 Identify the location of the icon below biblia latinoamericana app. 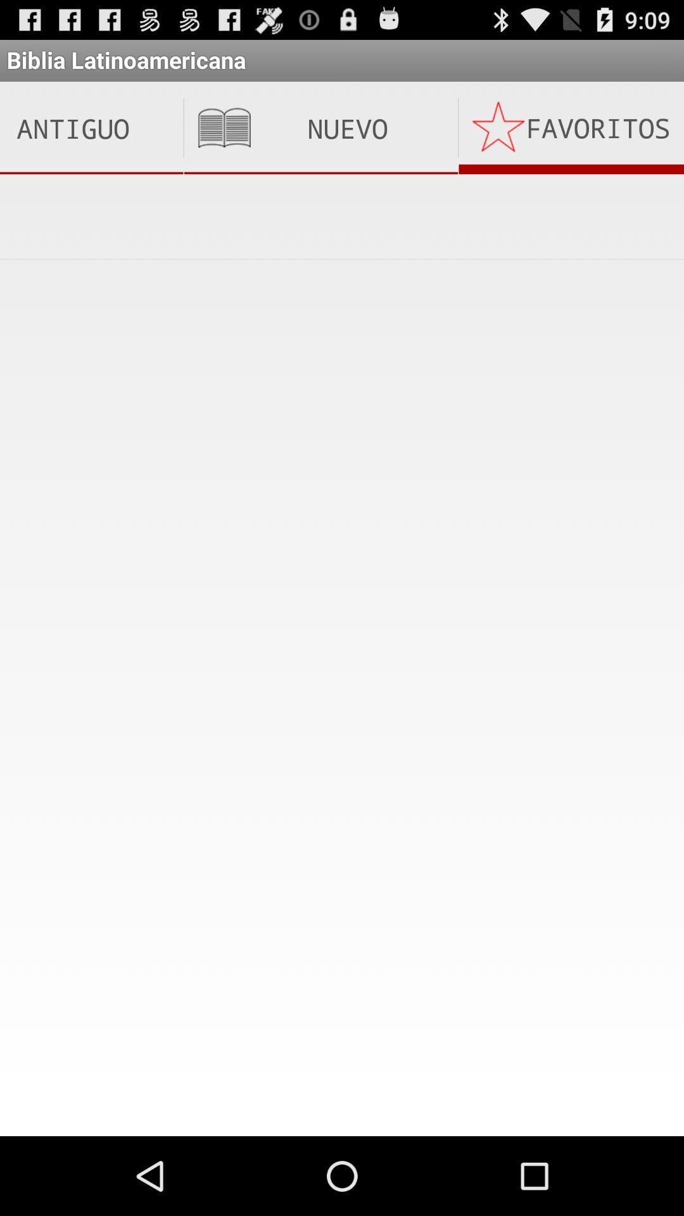
(320, 128).